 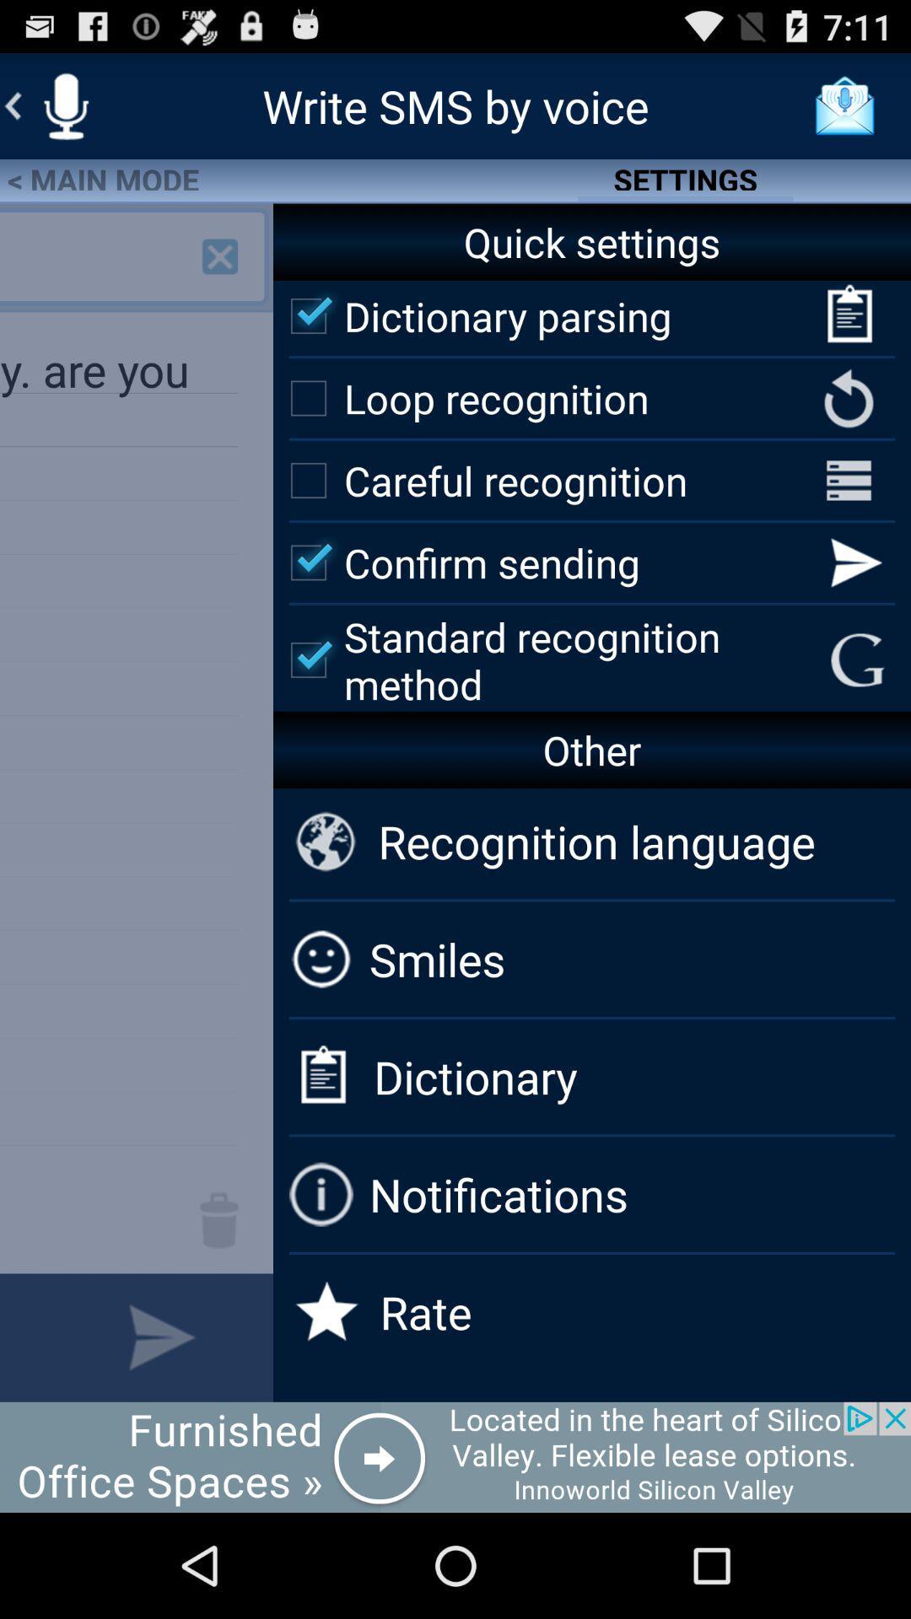 What do you see at coordinates (25, 1337) in the screenshot?
I see `message` at bounding box center [25, 1337].